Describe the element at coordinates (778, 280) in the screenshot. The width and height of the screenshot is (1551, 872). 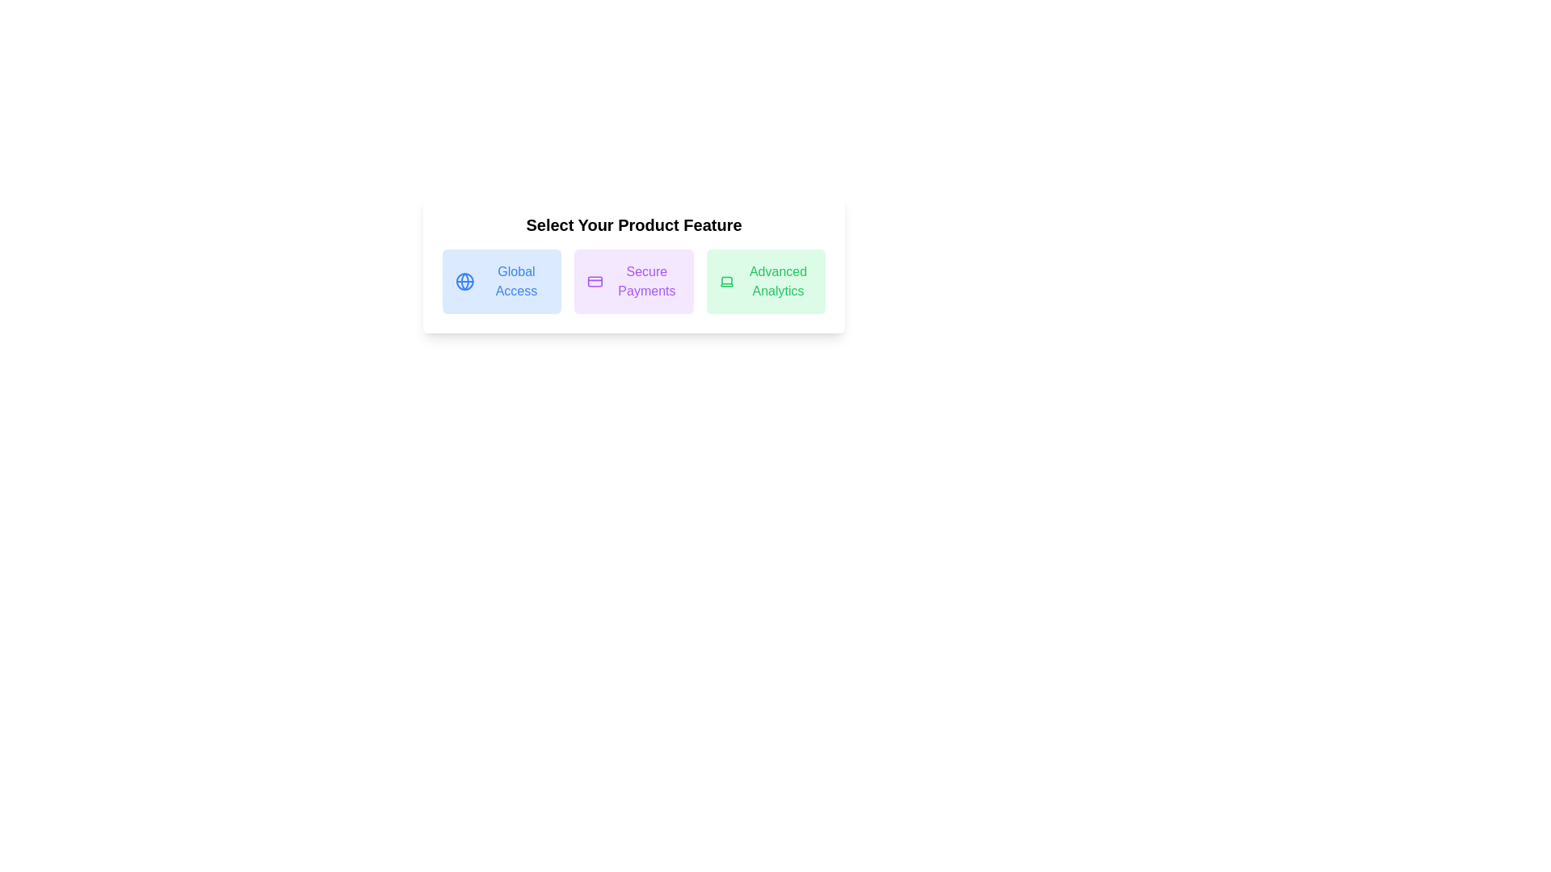
I see `text label that says 'Advanced Analytics', displayed in bold, green font, located in the rightmost feature card under 'Select Your Product Feature'` at that location.